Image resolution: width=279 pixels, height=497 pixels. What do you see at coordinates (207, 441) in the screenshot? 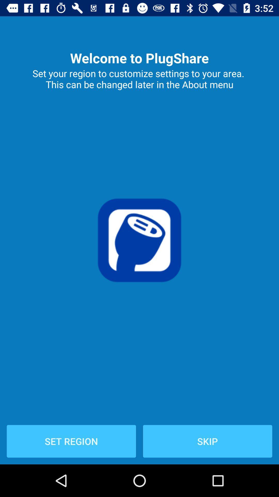
I see `skip item` at bounding box center [207, 441].